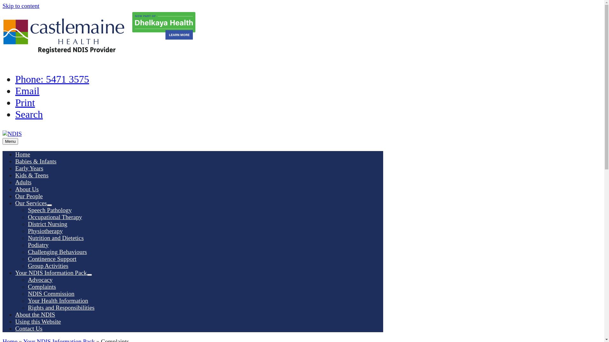 This screenshot has height=342, width=609. What do you see at coordinates (27, 300) in the screenshot?
I see `'Your Health Information'` at bounding box center [27, 300].